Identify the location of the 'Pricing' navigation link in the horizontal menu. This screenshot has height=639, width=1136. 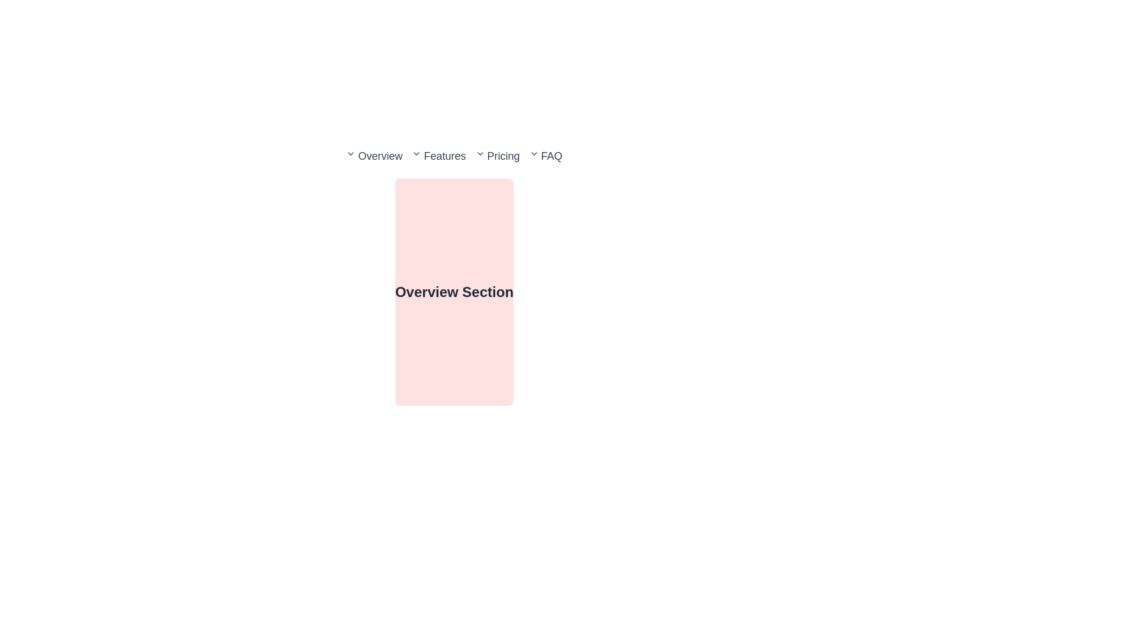
(503, 155).